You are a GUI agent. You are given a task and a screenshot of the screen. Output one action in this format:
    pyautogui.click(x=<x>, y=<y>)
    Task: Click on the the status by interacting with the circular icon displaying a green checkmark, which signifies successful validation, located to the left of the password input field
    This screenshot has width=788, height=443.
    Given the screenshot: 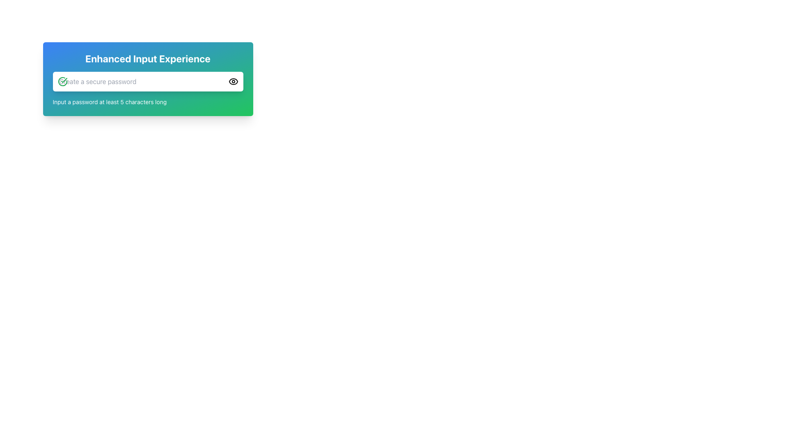 What is the action you would take?
    pyautogui.click(x=62, y=82)
    